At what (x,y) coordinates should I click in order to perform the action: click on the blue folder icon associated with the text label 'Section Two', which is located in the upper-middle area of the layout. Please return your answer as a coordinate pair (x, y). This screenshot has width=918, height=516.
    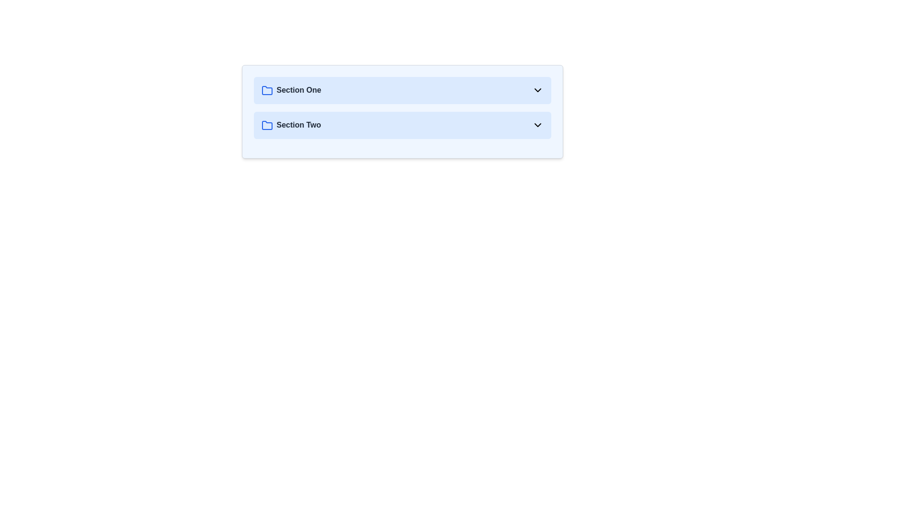
    Looking at the image, I should click on (267, 125).